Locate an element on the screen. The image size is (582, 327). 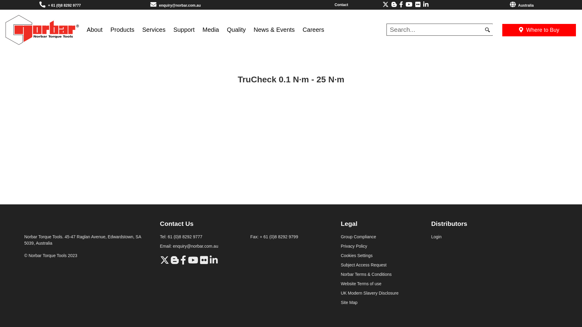
'Products' is located at coordinates (122, 30).